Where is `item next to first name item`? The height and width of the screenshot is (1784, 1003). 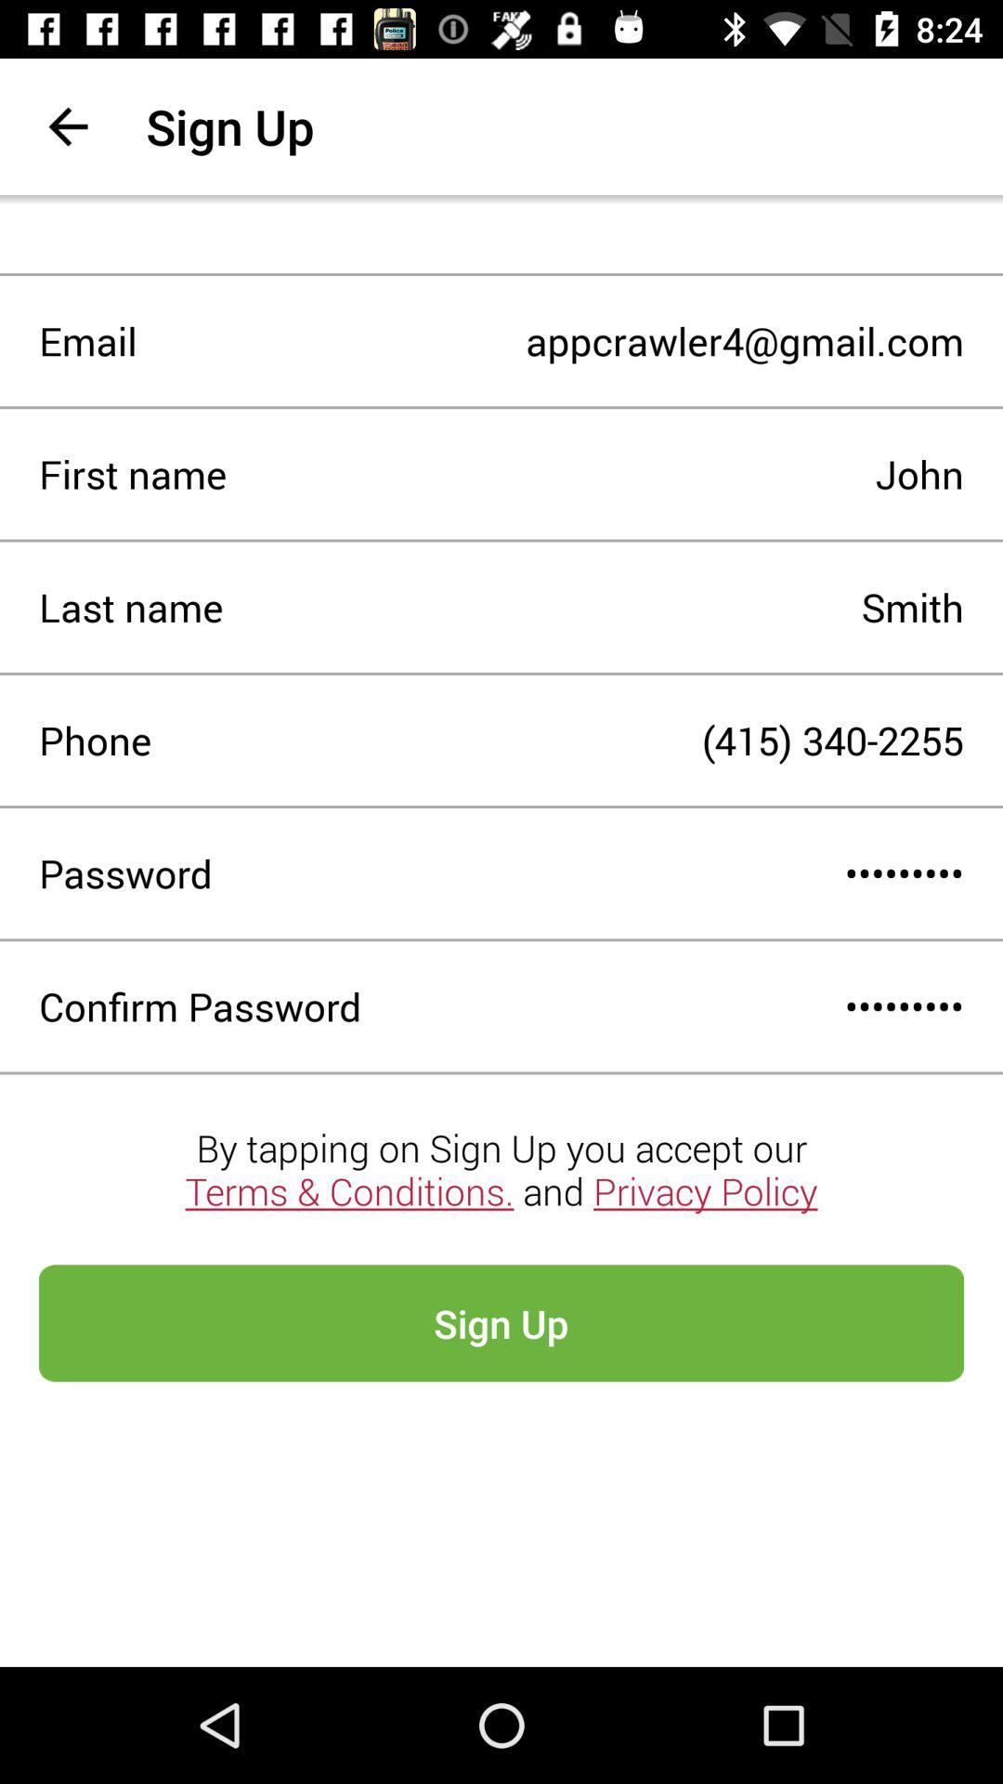 item next to first name item is located at coordinates (595, 474).